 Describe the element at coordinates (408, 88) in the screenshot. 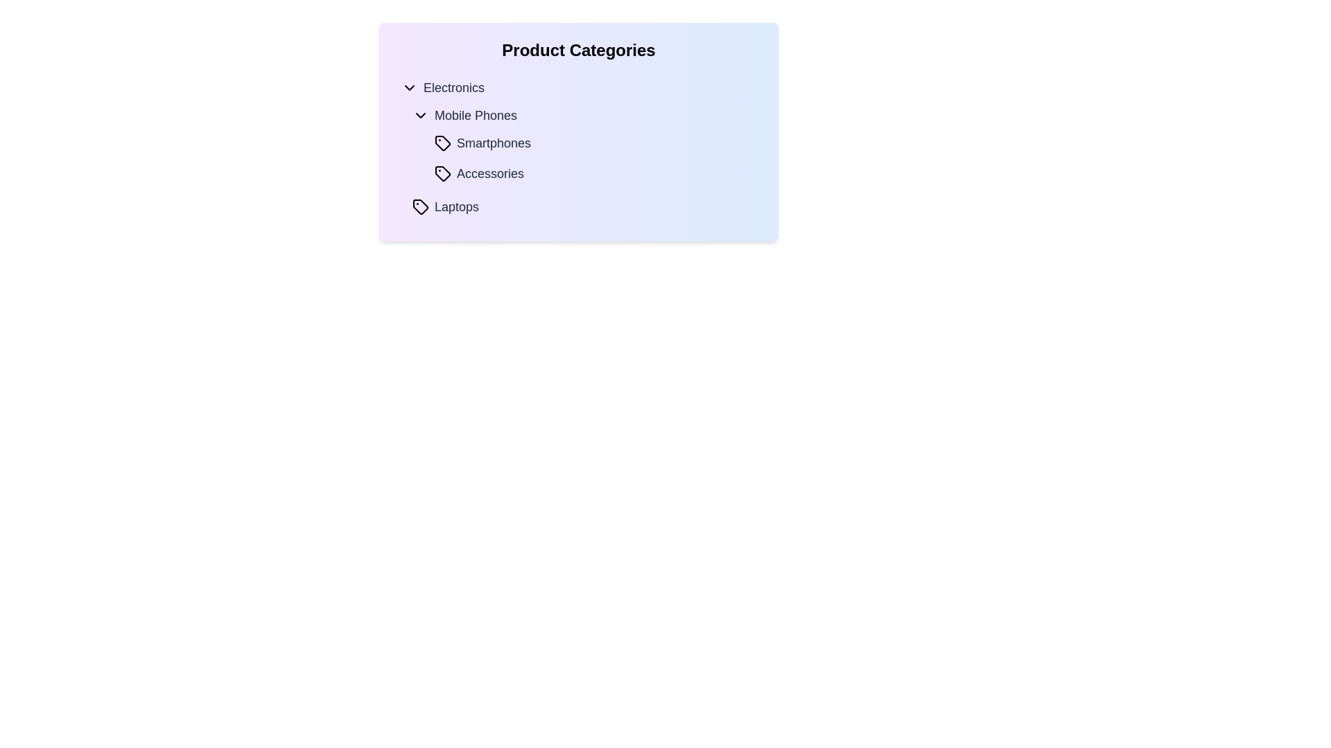

I see `the downward-facing chevron icon` at that location.